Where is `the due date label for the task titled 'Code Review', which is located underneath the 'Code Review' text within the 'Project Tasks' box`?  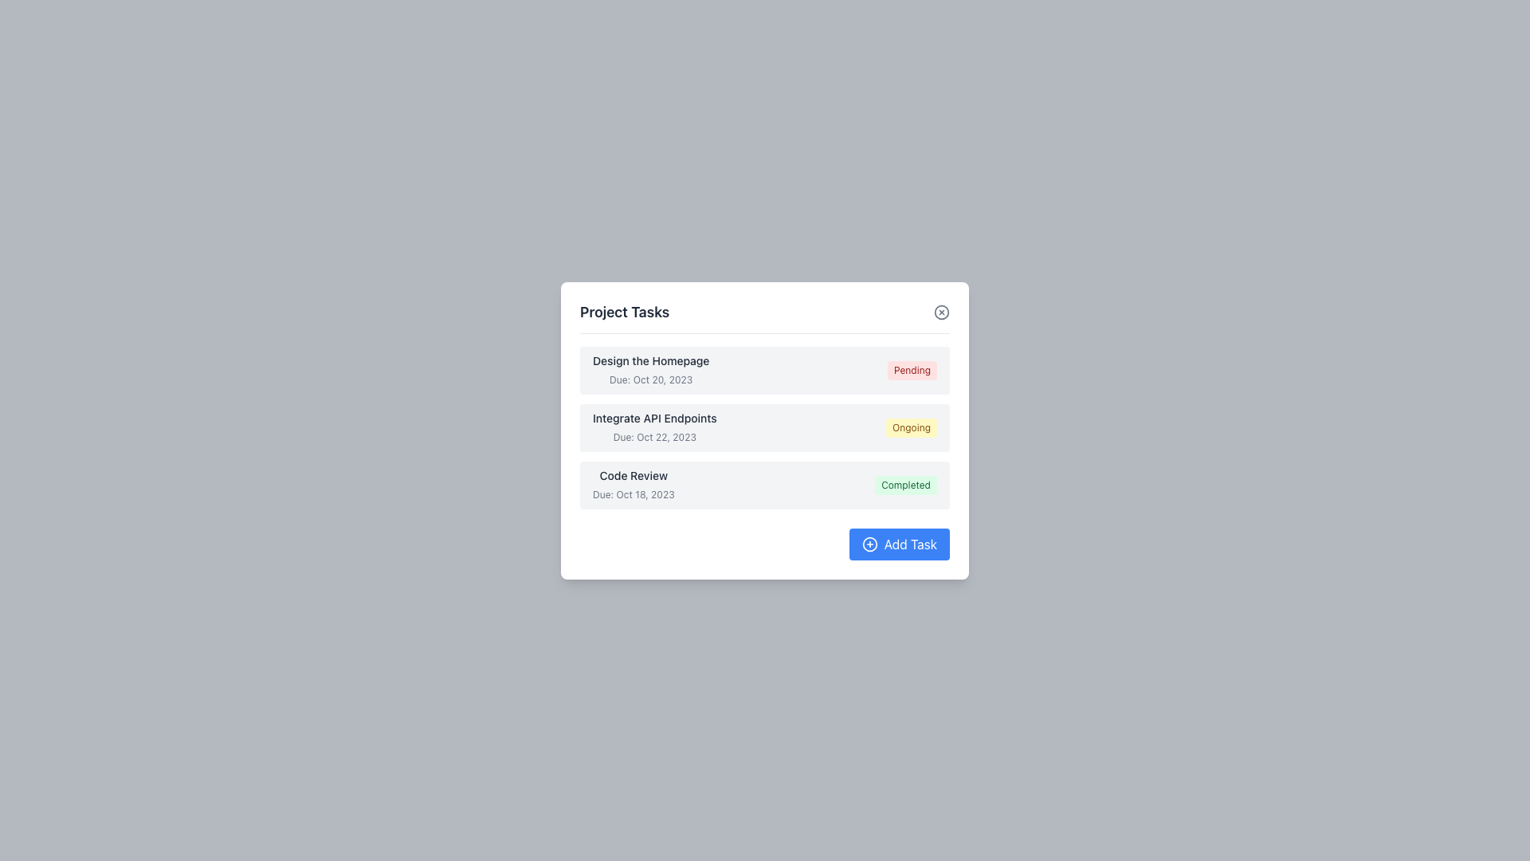
the due date label for the task titled 'Code Review', which is located underneath the 'Code Review' text within the 'Project Tasks' box is located at coordinates (633, 493).